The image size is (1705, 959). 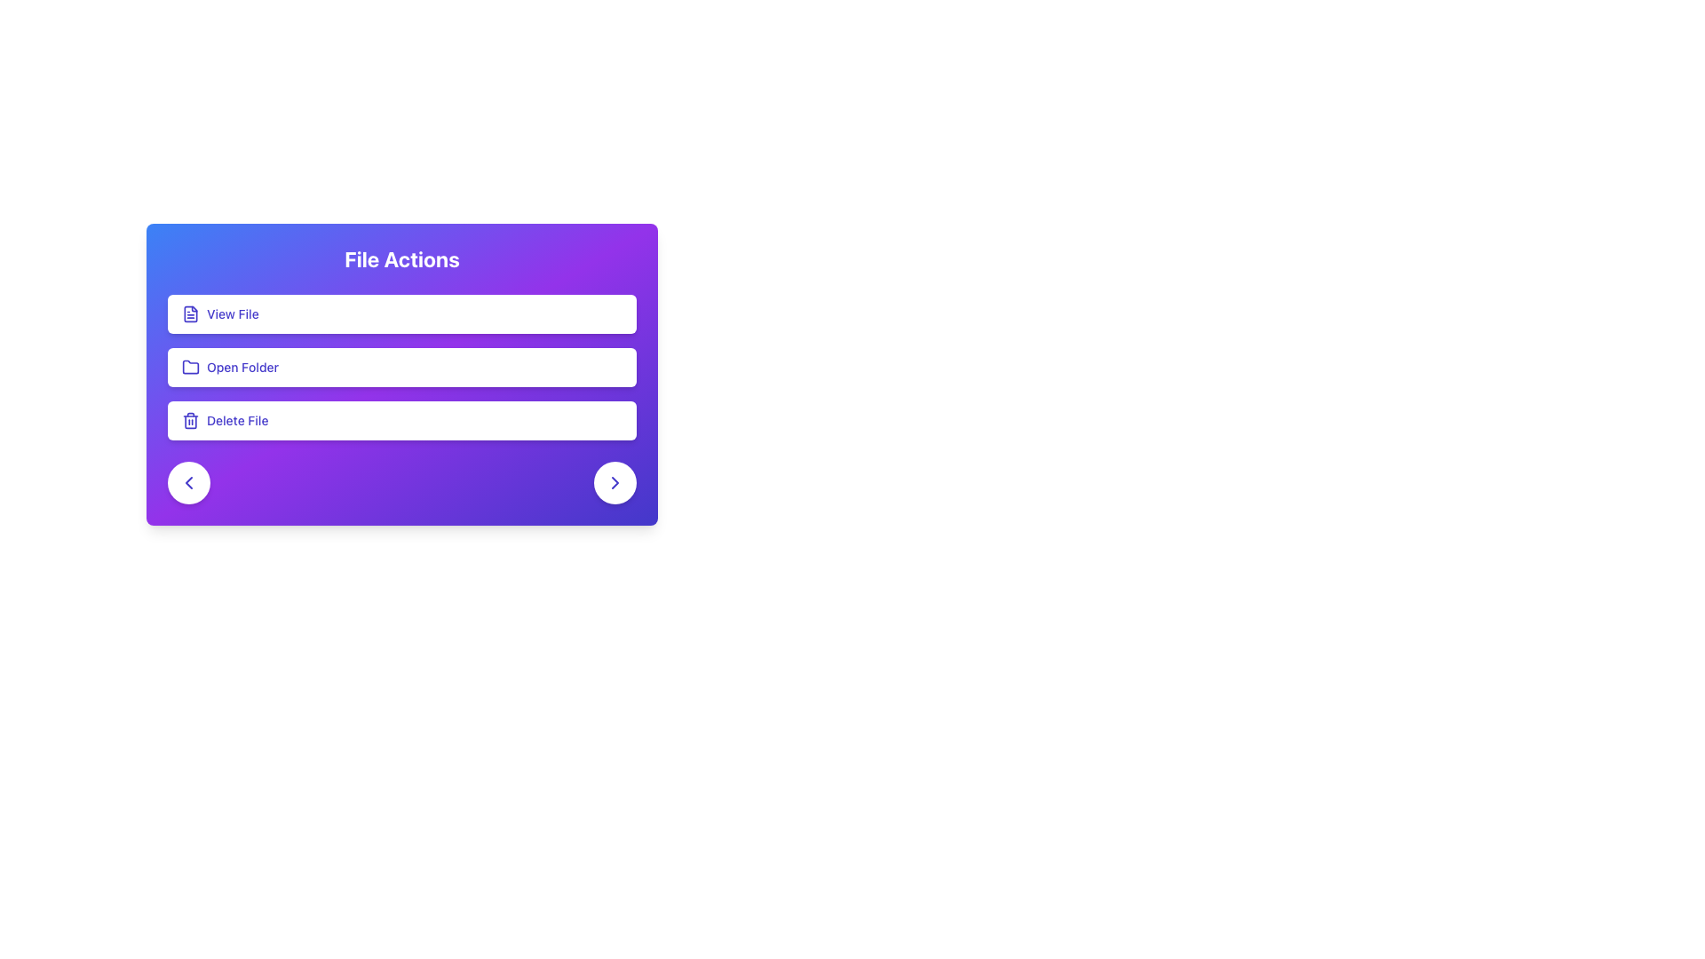 What do you see at coordinates (188, 482) in the screenshot?
I see `the left-facing chevron icon, which is centered within a circular button with a white background and purple border, located in the bottom-left corner of the card titled 'File Actions'` at bounding box center [188, 482].